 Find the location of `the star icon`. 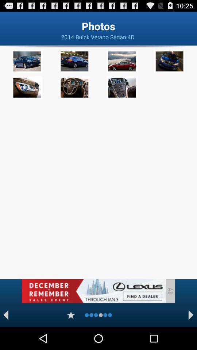

the star icon is located at coordinates (71, 337).